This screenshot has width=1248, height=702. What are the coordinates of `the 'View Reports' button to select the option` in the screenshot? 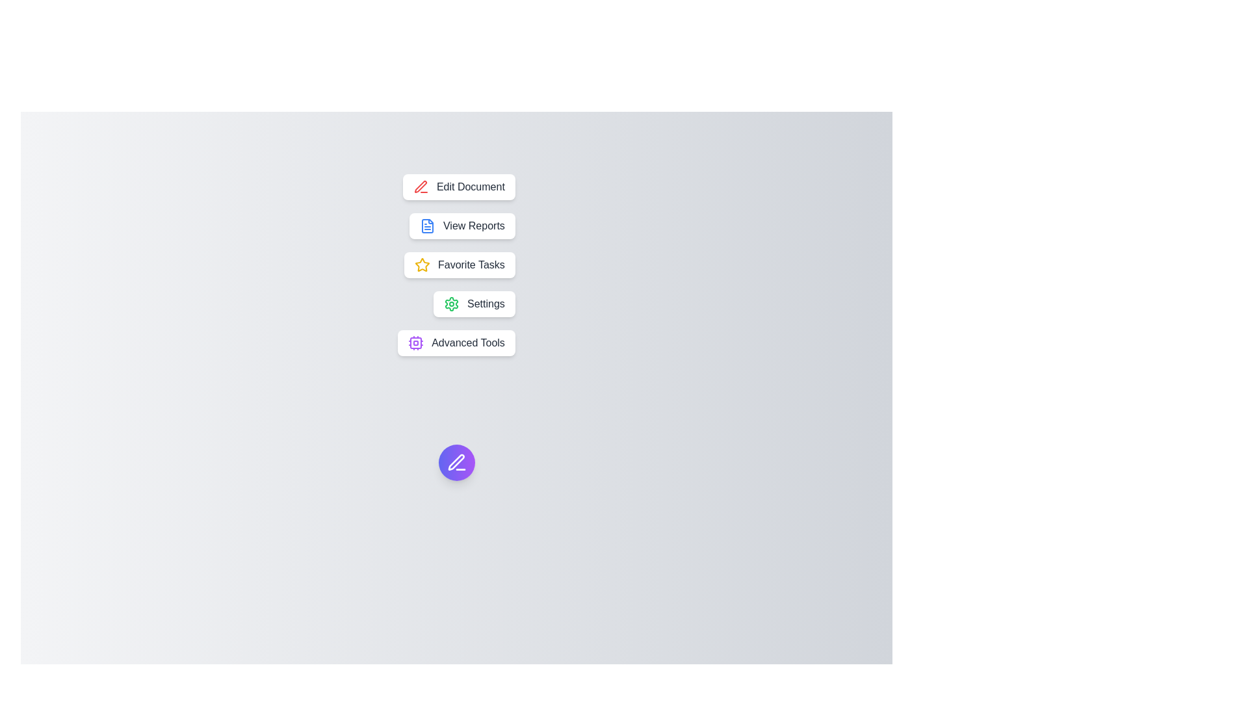 It's located at (462, 225).